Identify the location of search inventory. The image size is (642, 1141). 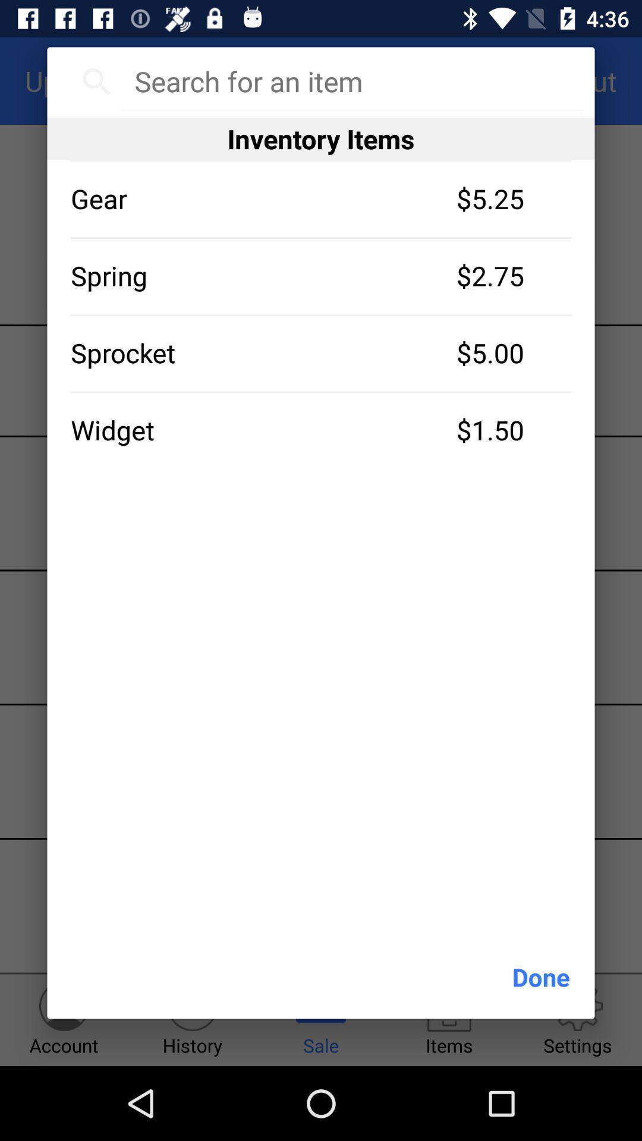
(351, 81).